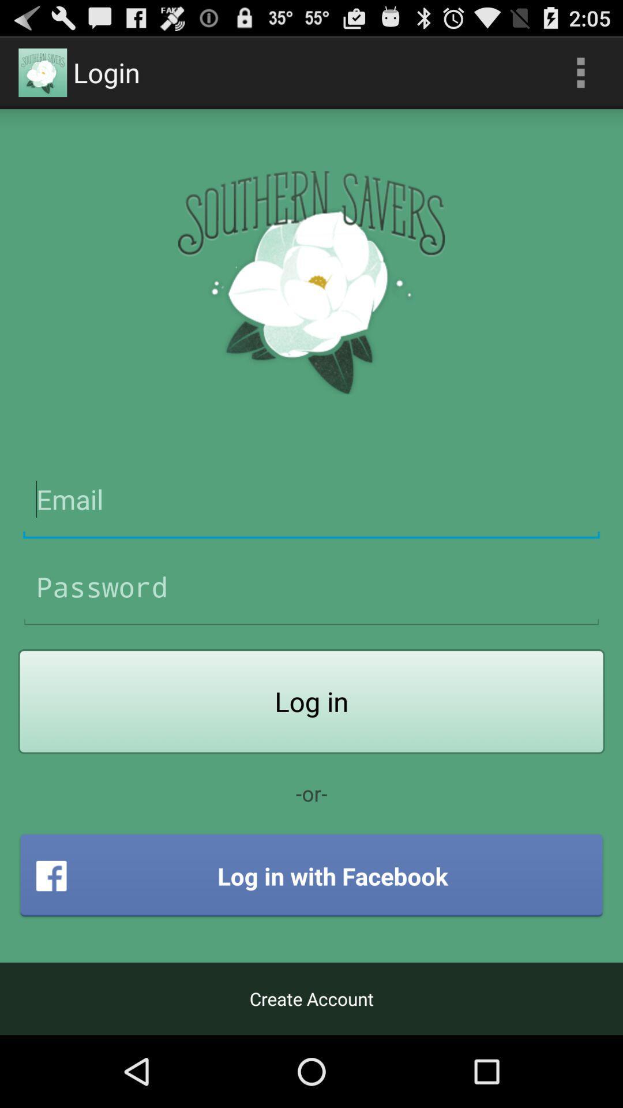 This screenshot has height=1108, width=623. Describe the element at coordinates (311, 998) in the screenshot. I see `create account icon` at that location.